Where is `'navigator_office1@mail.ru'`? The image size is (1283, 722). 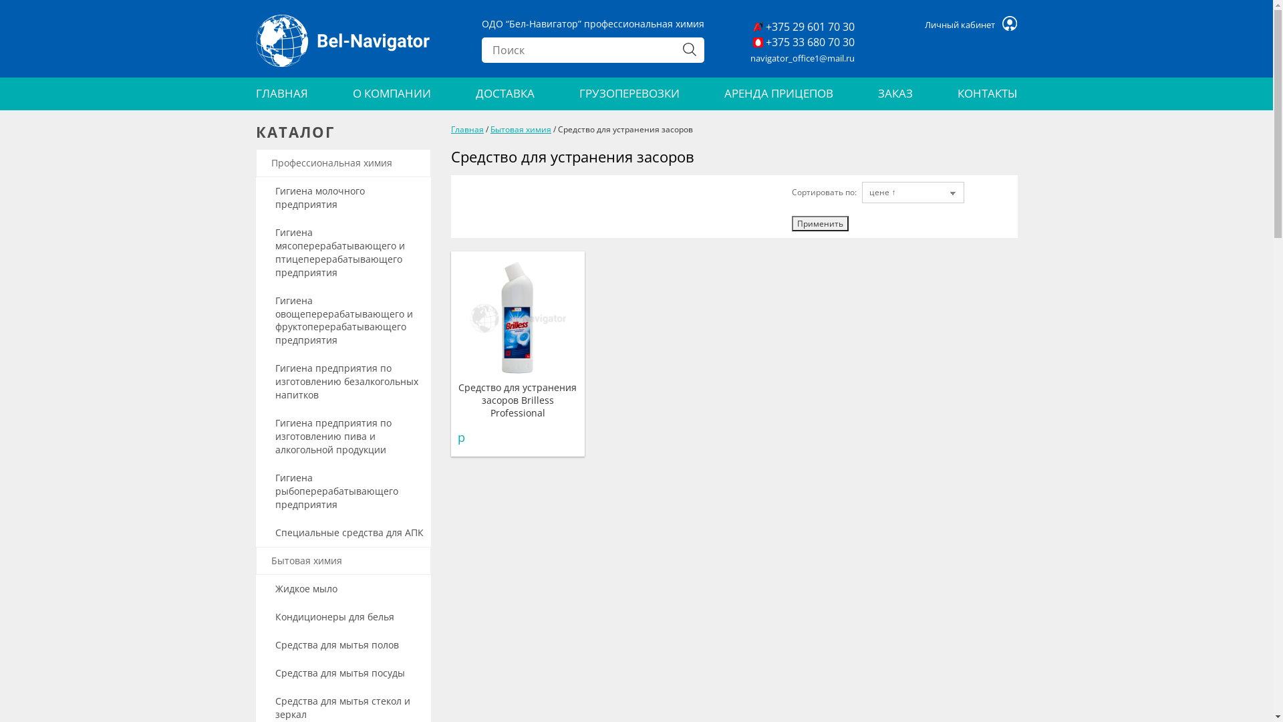 'navigator_office1@mail.ru' is located at coordinates (802, 57).